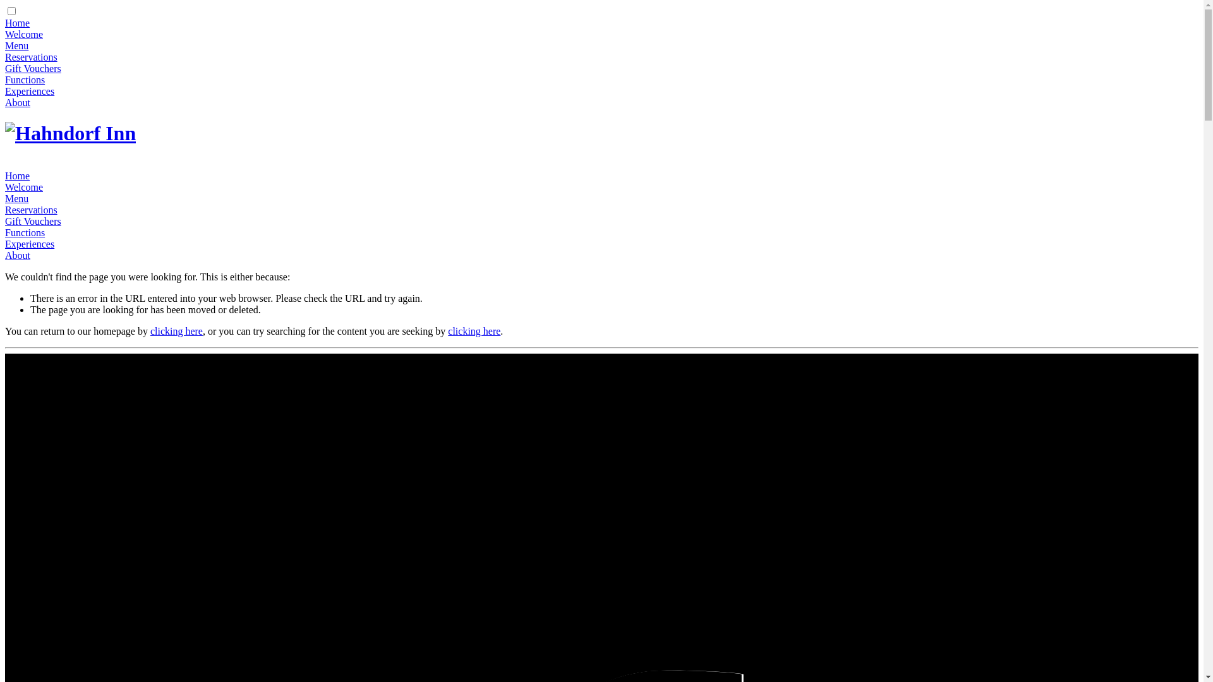 The height and width of the screenshot is (682, 1213). I want to click on 'Functions', so click(25, 232).